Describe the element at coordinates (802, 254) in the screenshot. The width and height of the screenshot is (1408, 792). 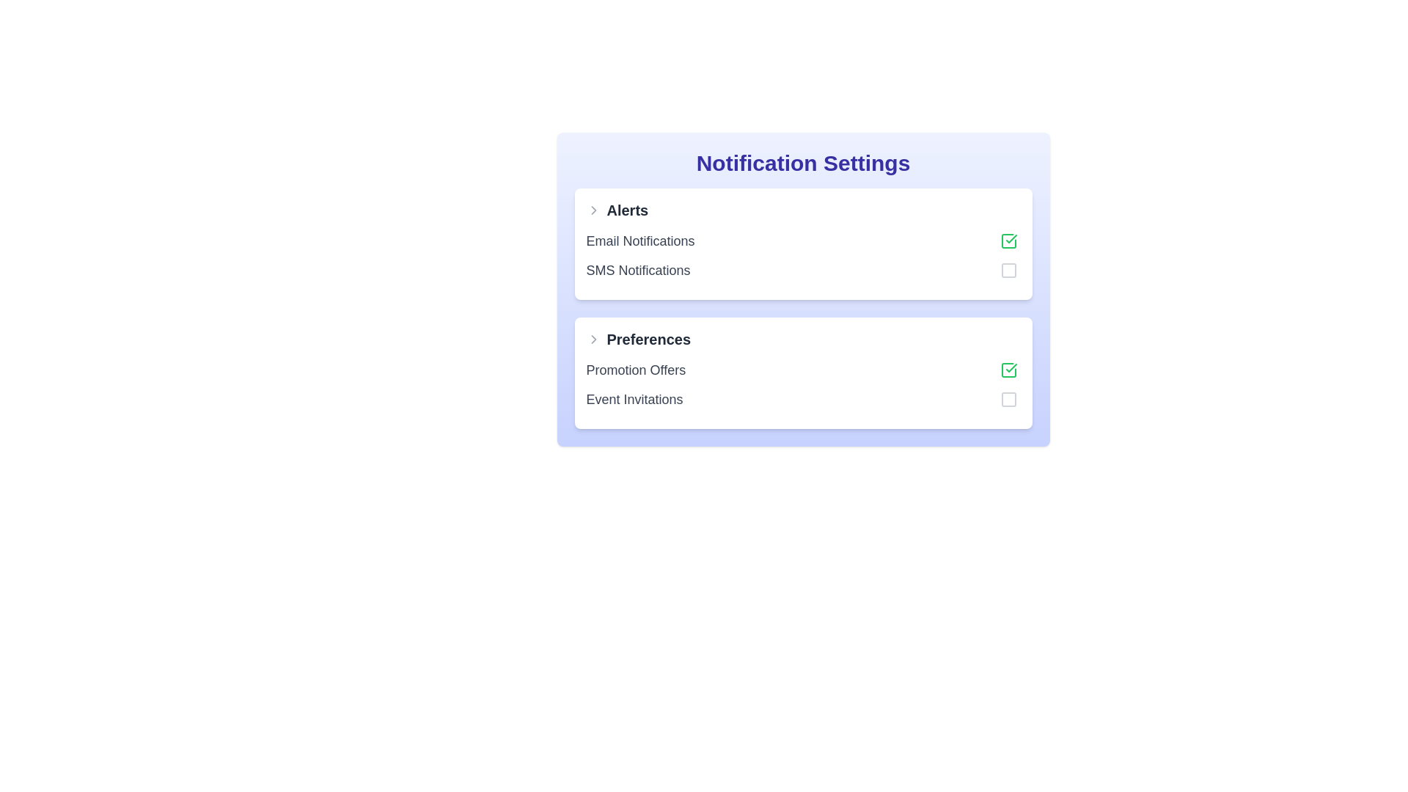
I see `the checkbox next to 'Email Notifications'` at that location.